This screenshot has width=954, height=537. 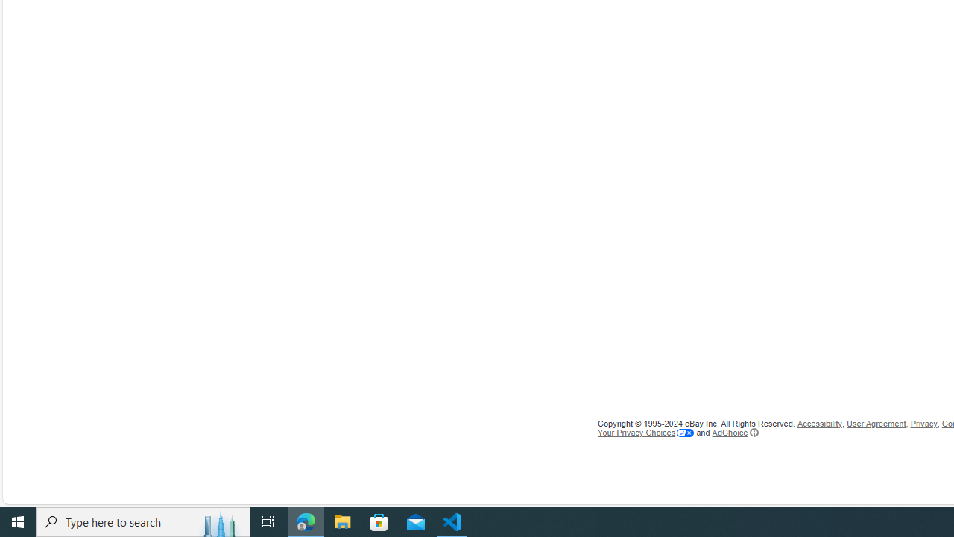 What do you see at coordinates (818, 424) in the screenshot?
I see `'Accessibility'` at bounding box center [818, 424].